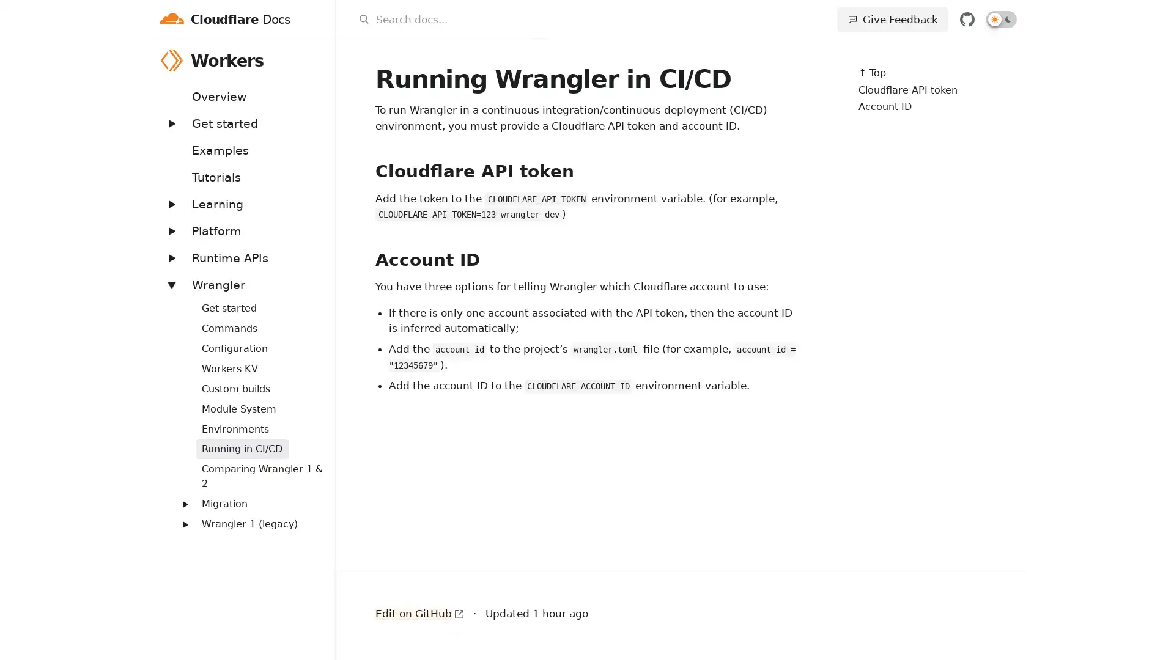  What do you see at coordinates (184, 522) in the screenshot?
I see `Expand: Wrangler 1 (legacy)` at bounding box center [184, 522].